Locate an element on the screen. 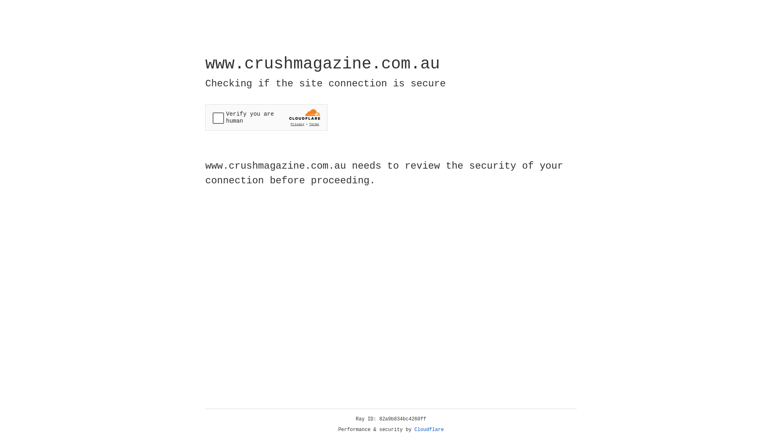 This screenshot has height=440, width=782. 'Cloudflare' is located at coordinates (429, 429).